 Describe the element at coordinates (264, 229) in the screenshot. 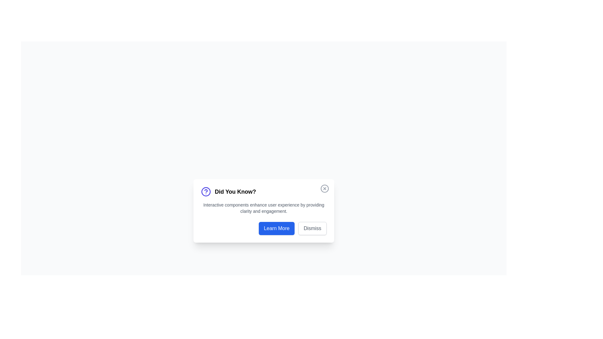

I see `the leftmost button in the dialog box below the text 'Interactive components enhance user experience by providing clarity and engagement.'` at that location.